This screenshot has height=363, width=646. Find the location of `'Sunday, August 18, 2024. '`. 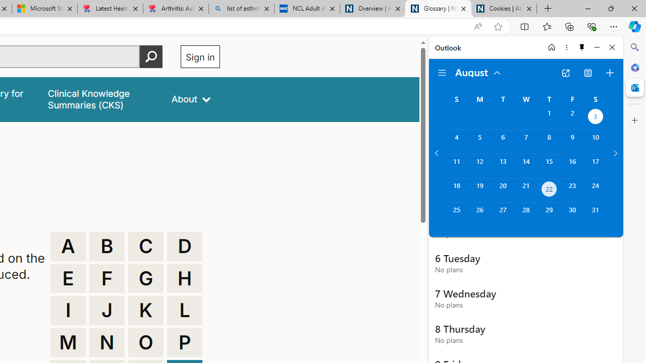

'Sunday, August 18, 2024. ' is located at coordinates (456, 190).